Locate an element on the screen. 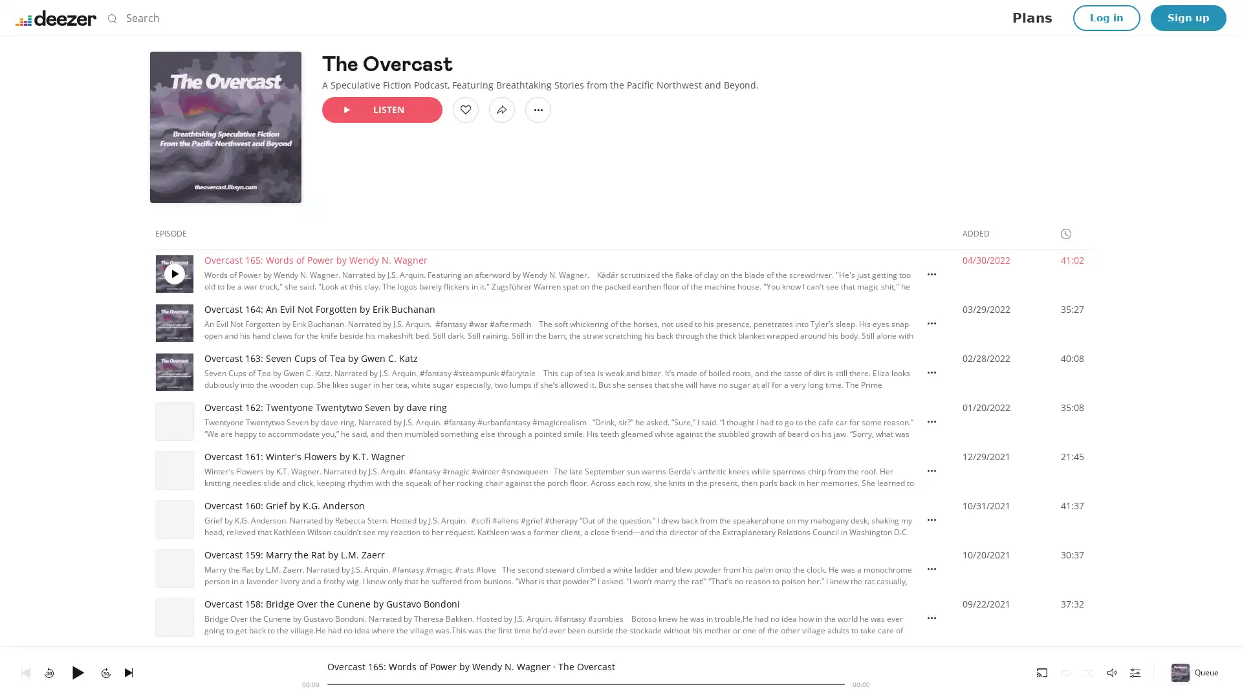 The image size is (1242, 698). Play Overcast 161: Winter's Flowers by K.T. Wagner by The Overcast is located at coordinates (173, 471).